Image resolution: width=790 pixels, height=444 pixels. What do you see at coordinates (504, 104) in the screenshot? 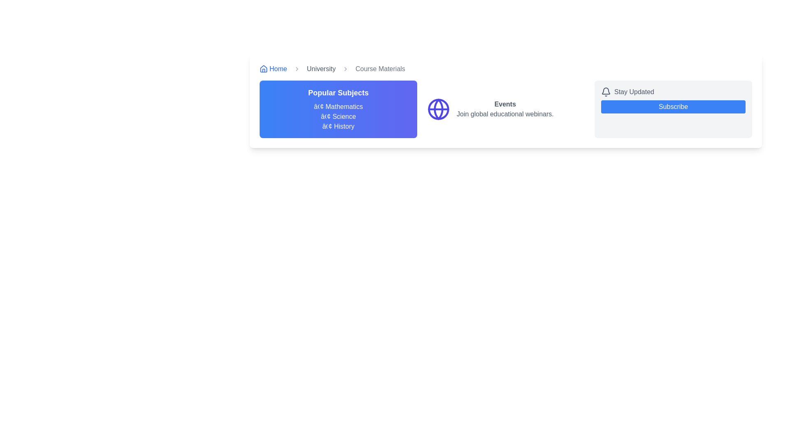
I see `the Text label that serves as a title or header for events and webinars, located directly above the text 'Join global educational webinars.' and to the right of a globe icon` at bounding box center [504, 104].